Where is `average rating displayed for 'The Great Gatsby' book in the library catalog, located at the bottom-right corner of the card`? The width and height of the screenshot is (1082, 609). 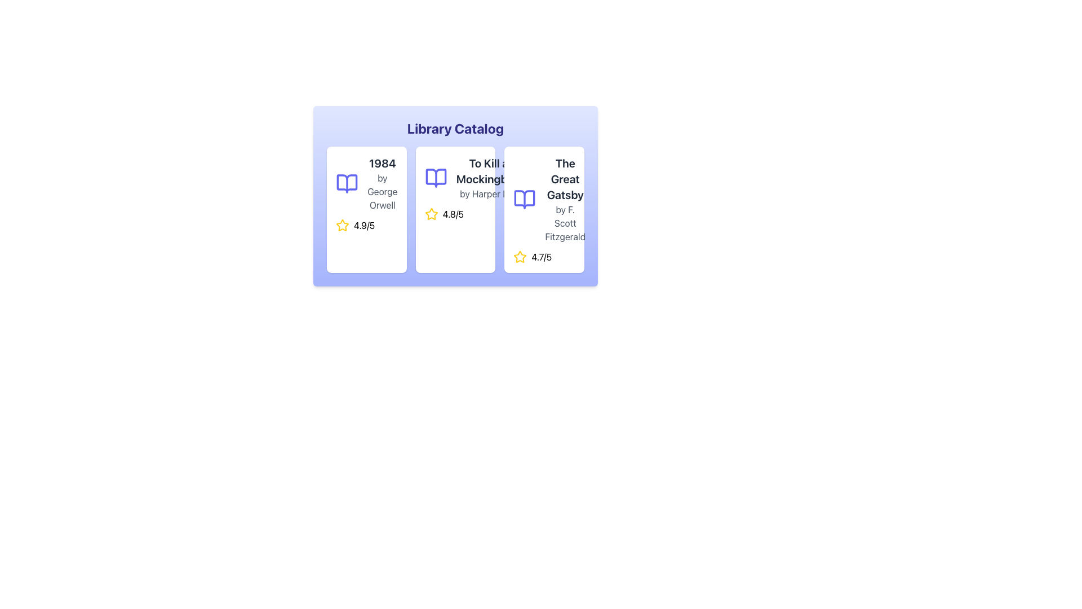 average rating displayed for 'The Great Gatsby' book in the library catalog, located at the bottom-right corner of the card is located at coordinates (544, 257).